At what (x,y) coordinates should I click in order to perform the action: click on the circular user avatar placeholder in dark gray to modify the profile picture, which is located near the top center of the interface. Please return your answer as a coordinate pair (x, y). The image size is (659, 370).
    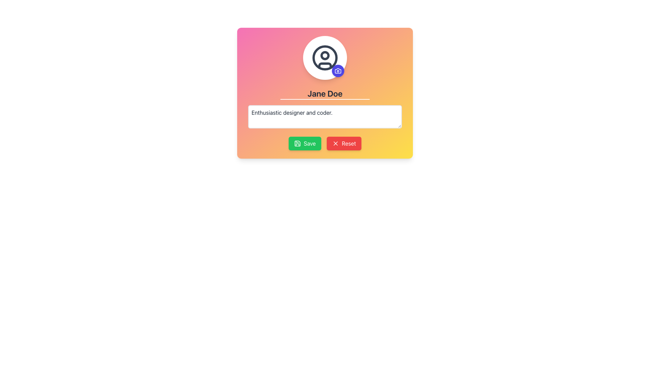
    Looking at the image, I should click on (324, 58).